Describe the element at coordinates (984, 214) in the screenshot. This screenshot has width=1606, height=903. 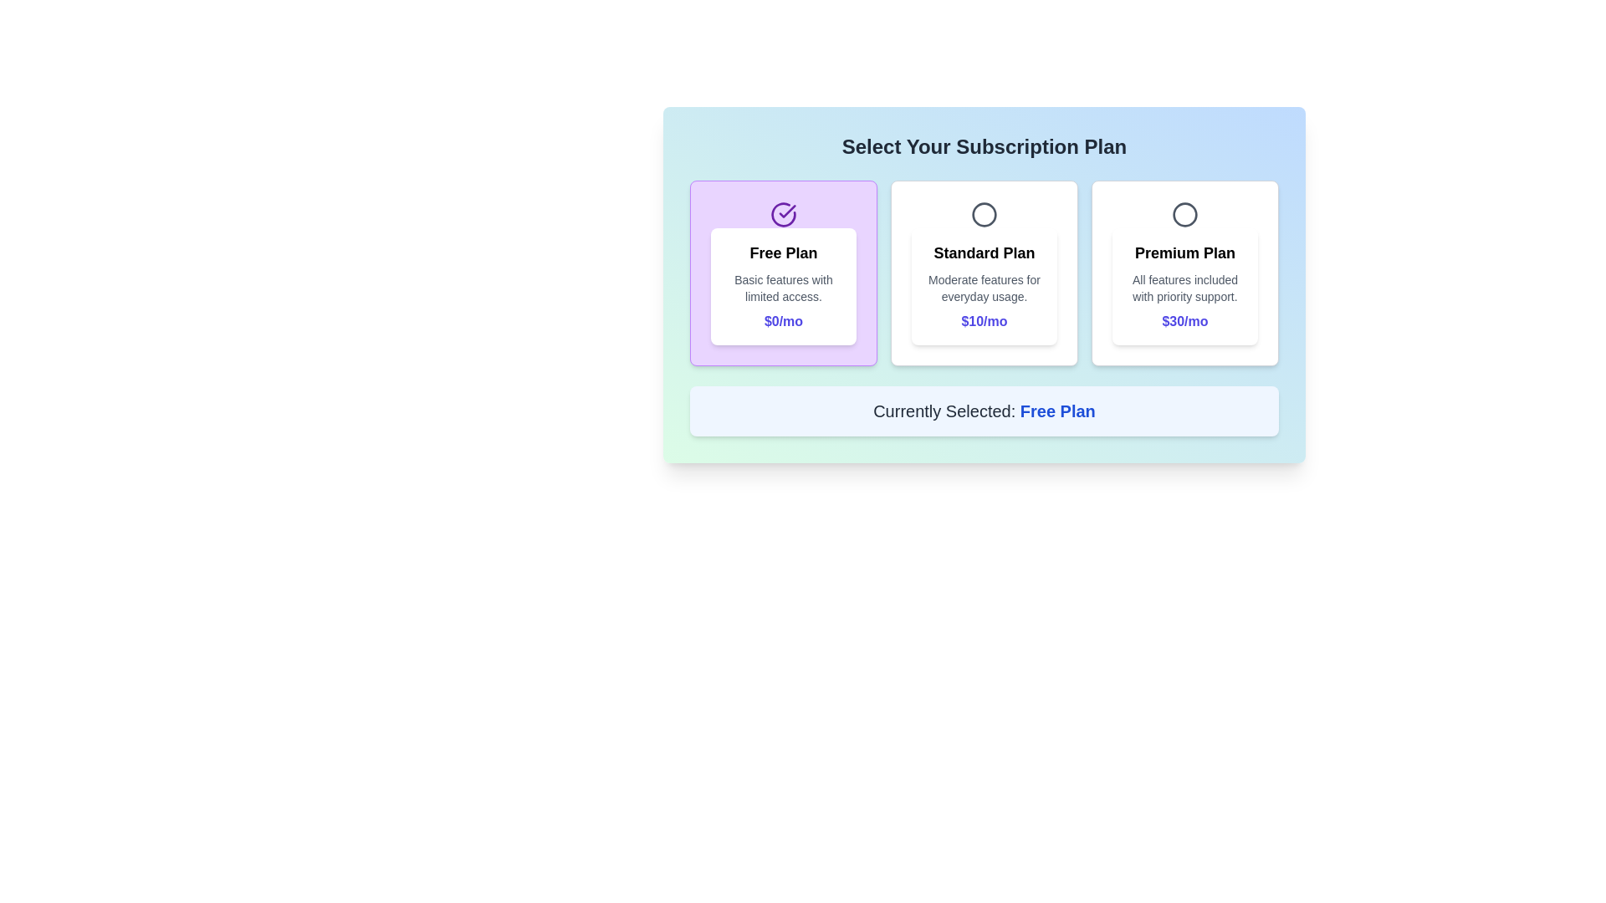
I see `the circular selection indicator located in the top right corner of the 'Standard Plan' card, which is currently inactive and not selected` at that location.